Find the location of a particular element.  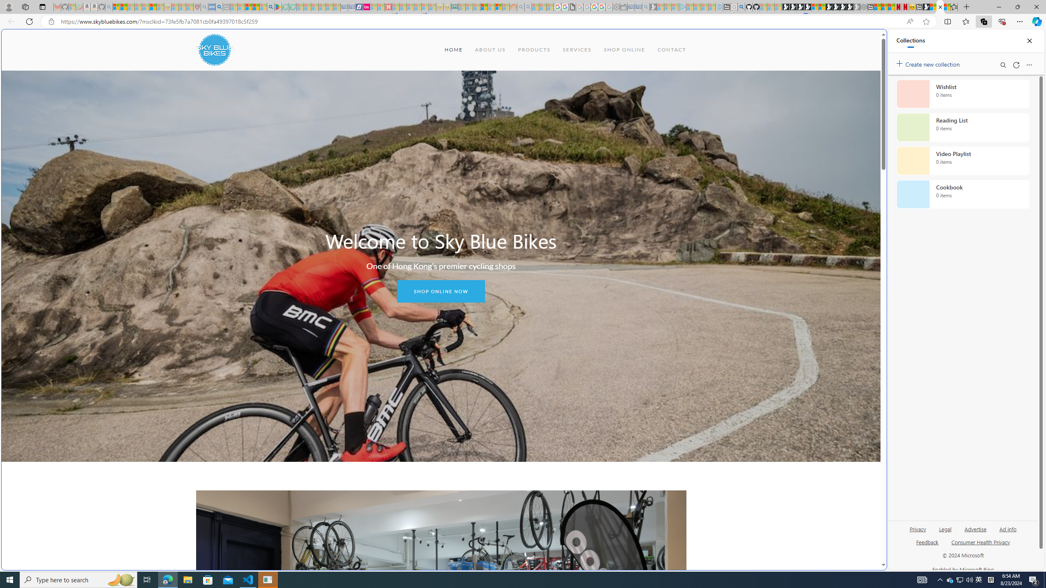

'PRODUCTS' is located at coordinates (533, 49).